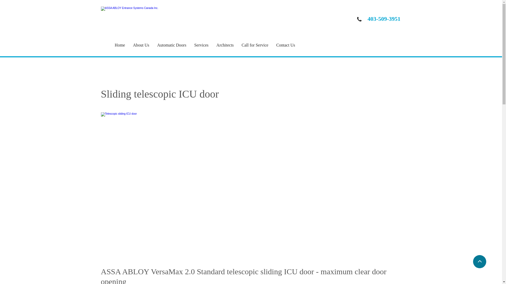  I want to click on 'Home', so click(123, 45).